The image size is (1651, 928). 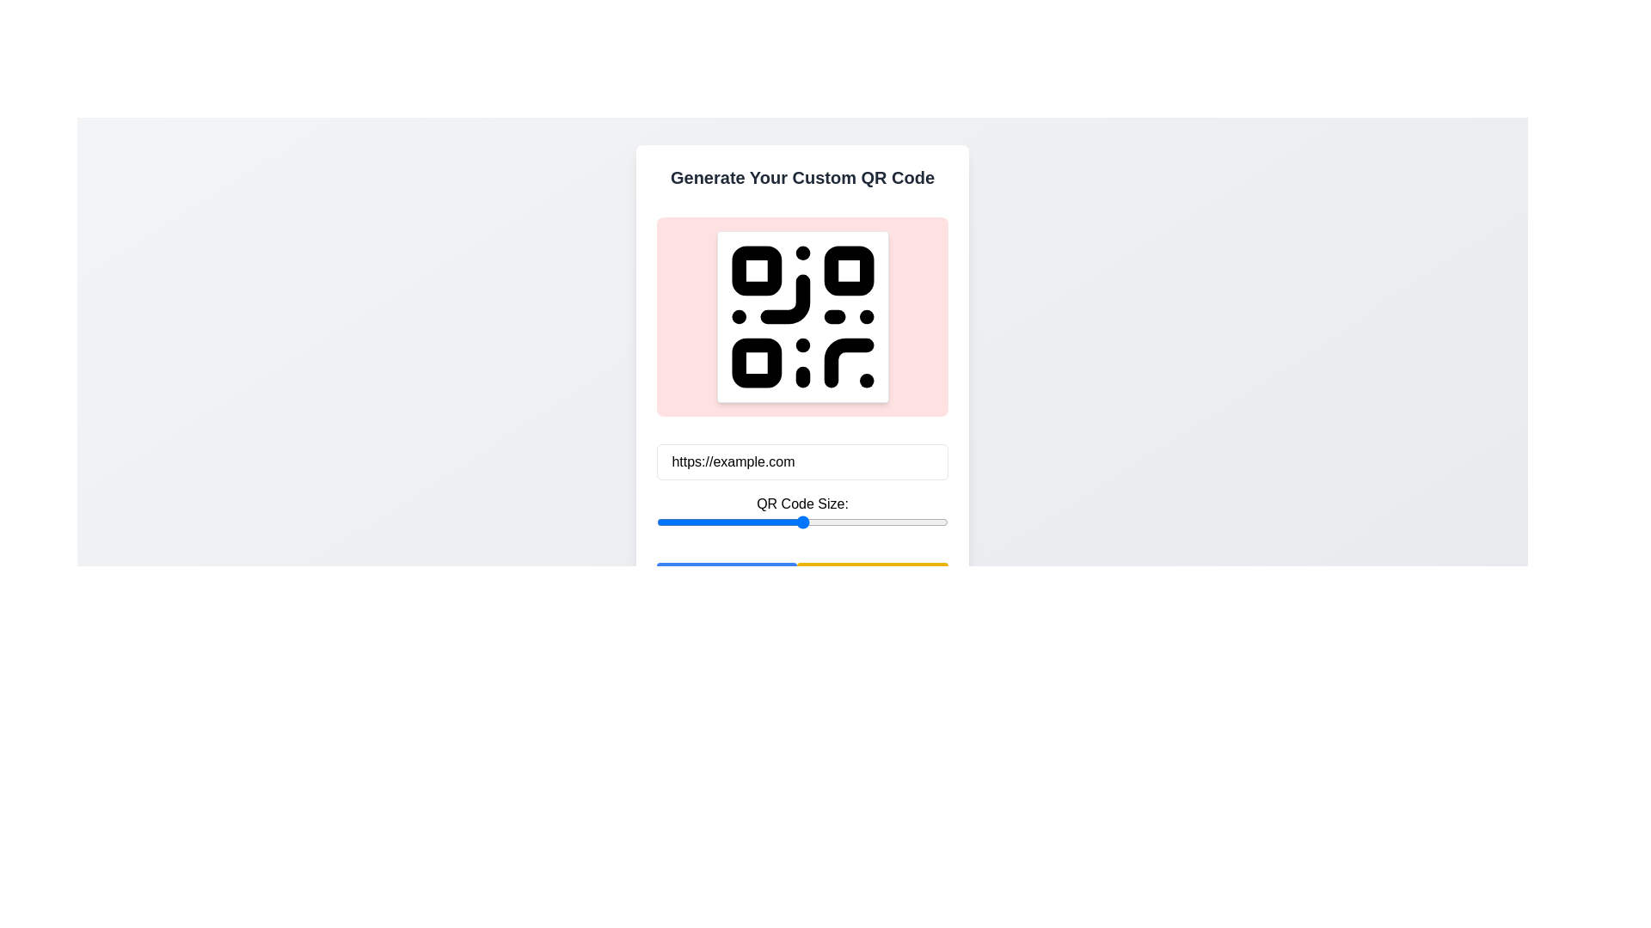 What do you see at coordinates (913, 522) in the screenshot?
I see `QR code size` at bounding box center [913, 522].